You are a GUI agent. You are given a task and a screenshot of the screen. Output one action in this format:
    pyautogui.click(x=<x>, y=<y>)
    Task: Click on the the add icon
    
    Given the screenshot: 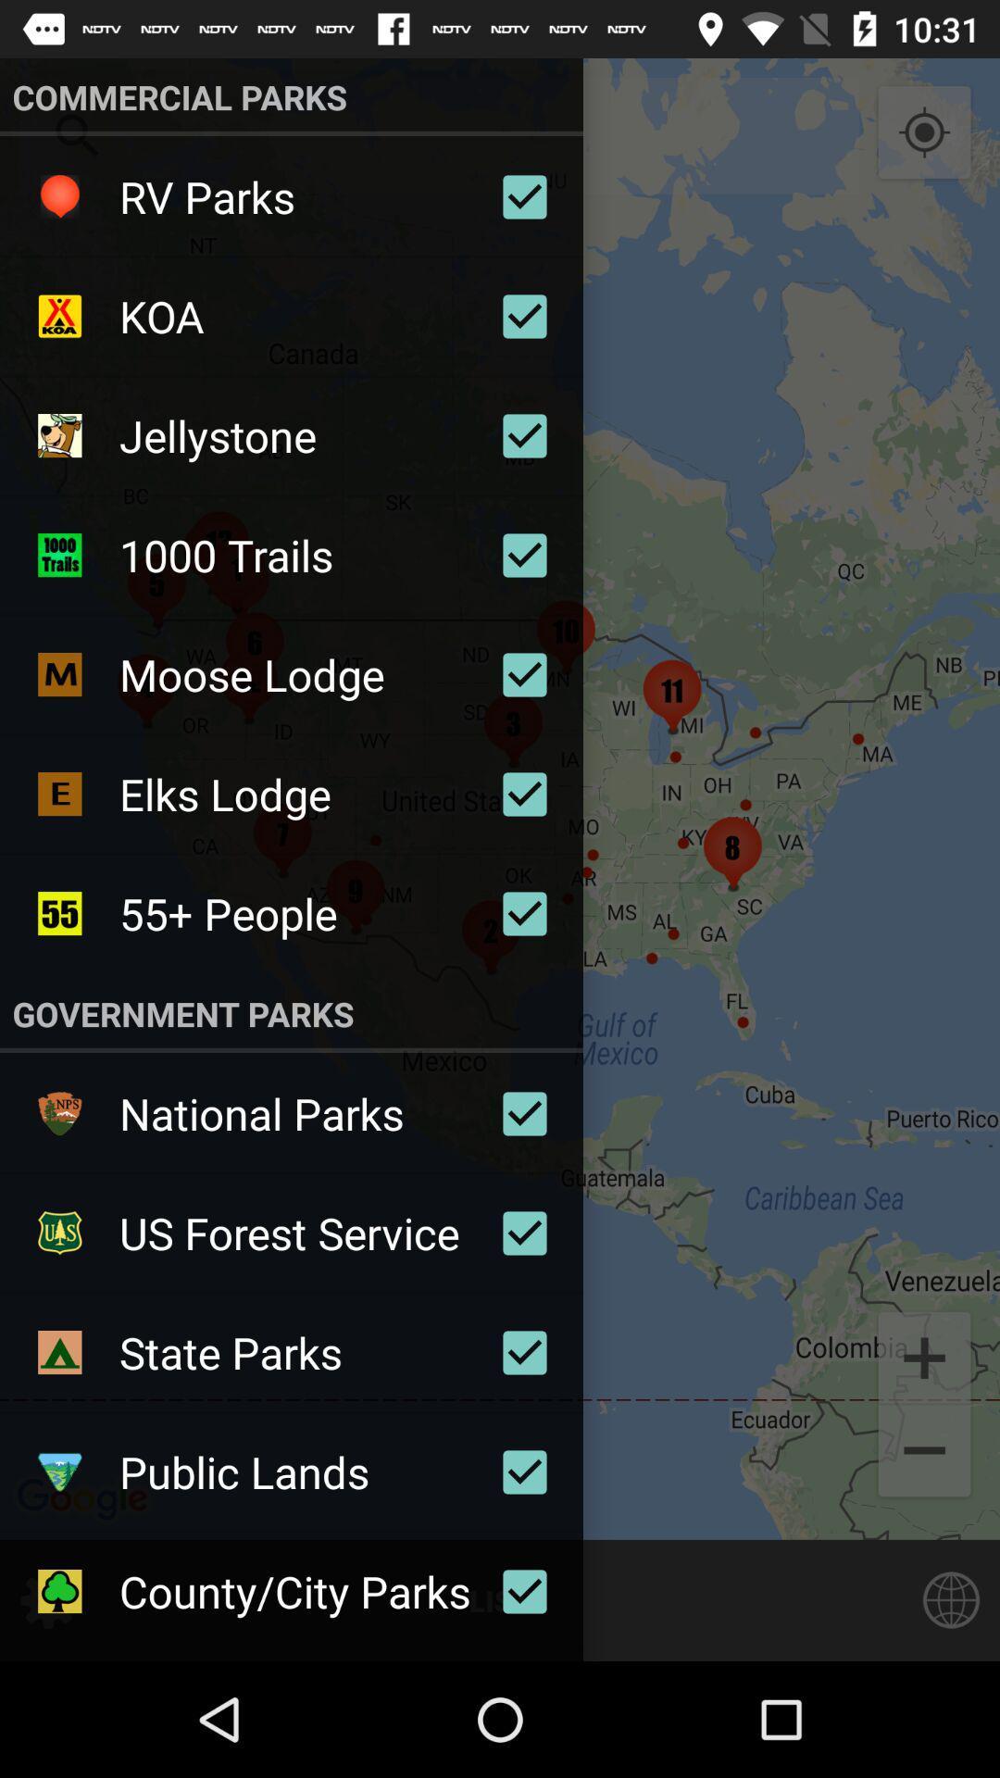 What is the action you would take?
    pyautogui.click(x=924, y=1356)
    